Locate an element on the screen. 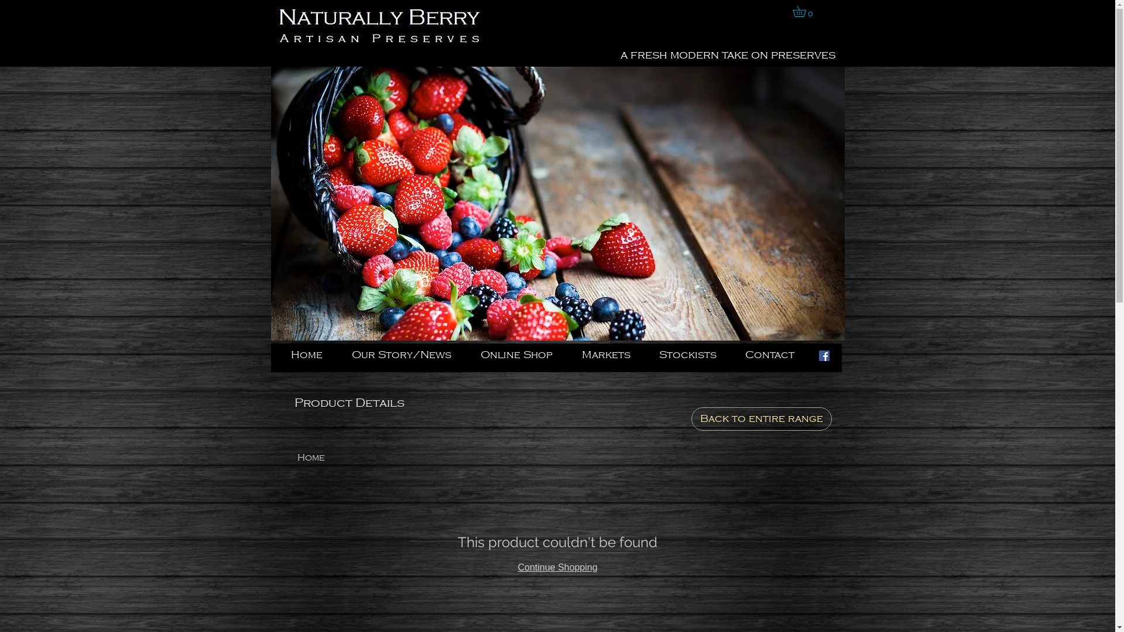 Image resolution: width=1124 pixels, height=632 pixels. 'Continue Shopping' is located at coordinates (556, 566).